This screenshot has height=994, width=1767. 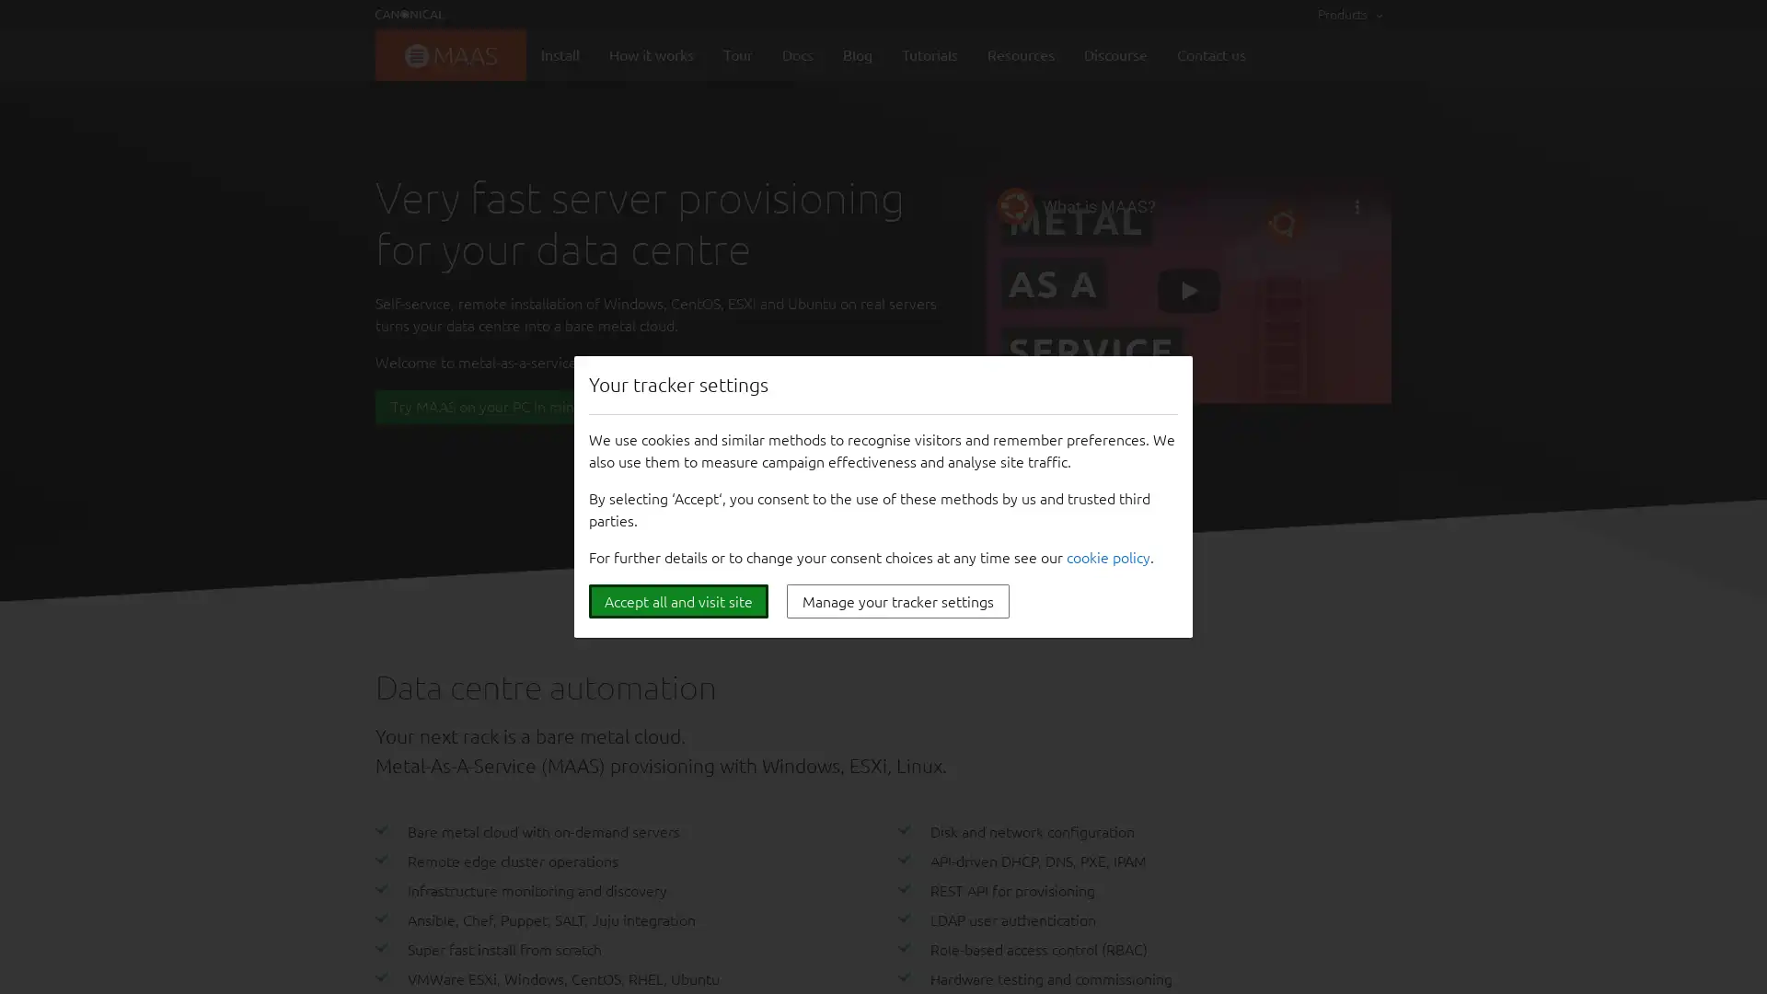 I want to click on Manage your tracker settings, so click(x=897, y=601).